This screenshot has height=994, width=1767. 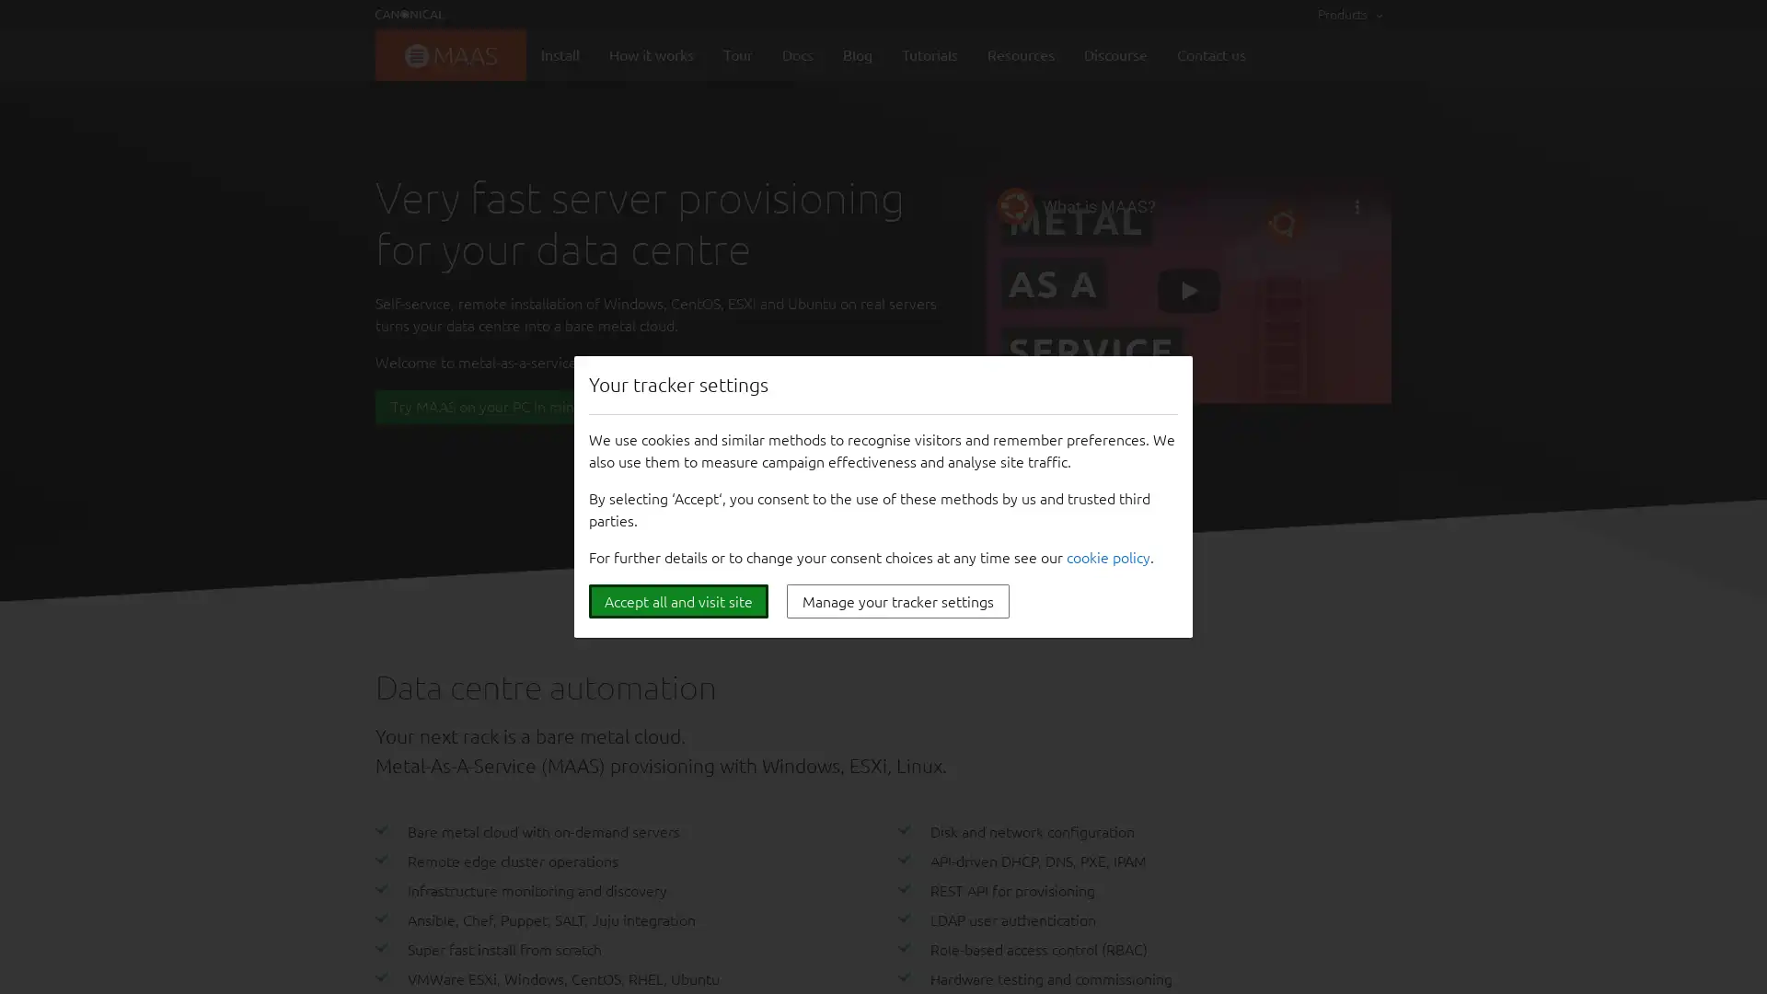 I want to click on Manage your tracker settings, so click(x=897, y=601).